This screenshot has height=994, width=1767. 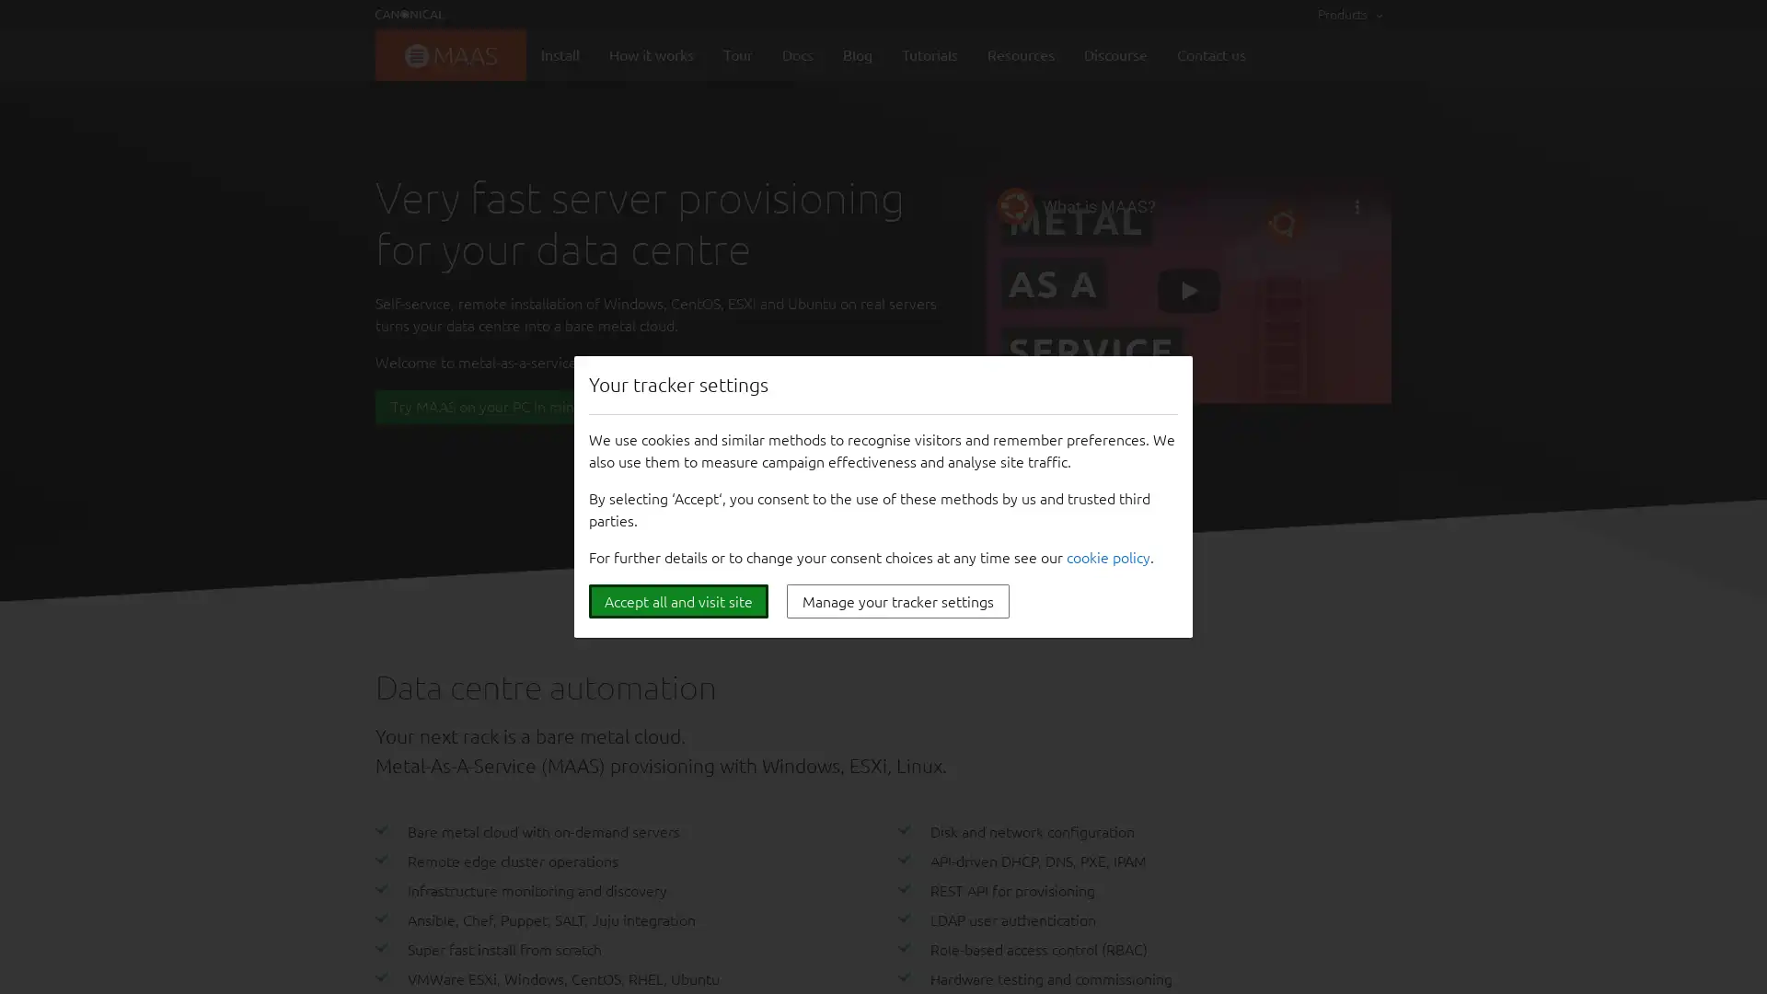 I want to click on Manage your tracker settings, so click(x=897, y=601).